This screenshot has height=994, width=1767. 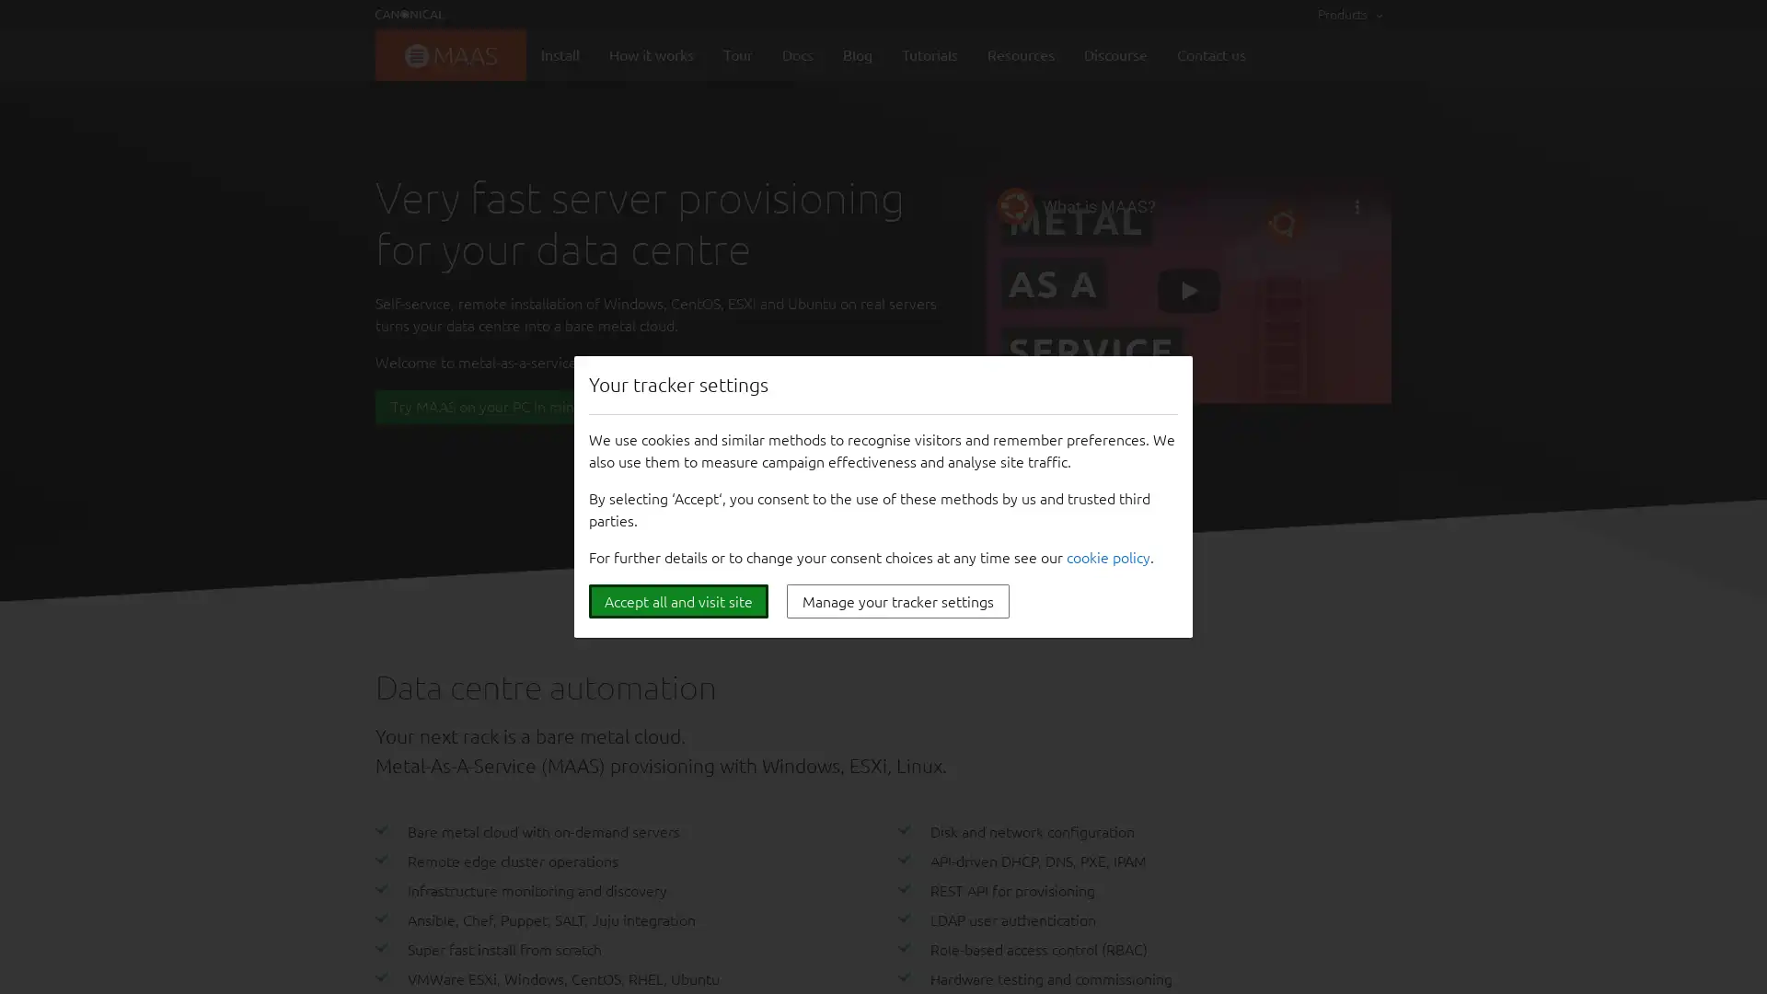 I want to click on Manage your tracker settings, so click(x=897, y=601).